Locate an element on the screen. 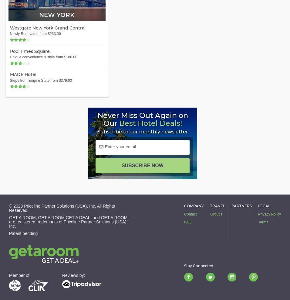 The image size is (290, 300). 'Groups' is located at coordinates (216, 214).